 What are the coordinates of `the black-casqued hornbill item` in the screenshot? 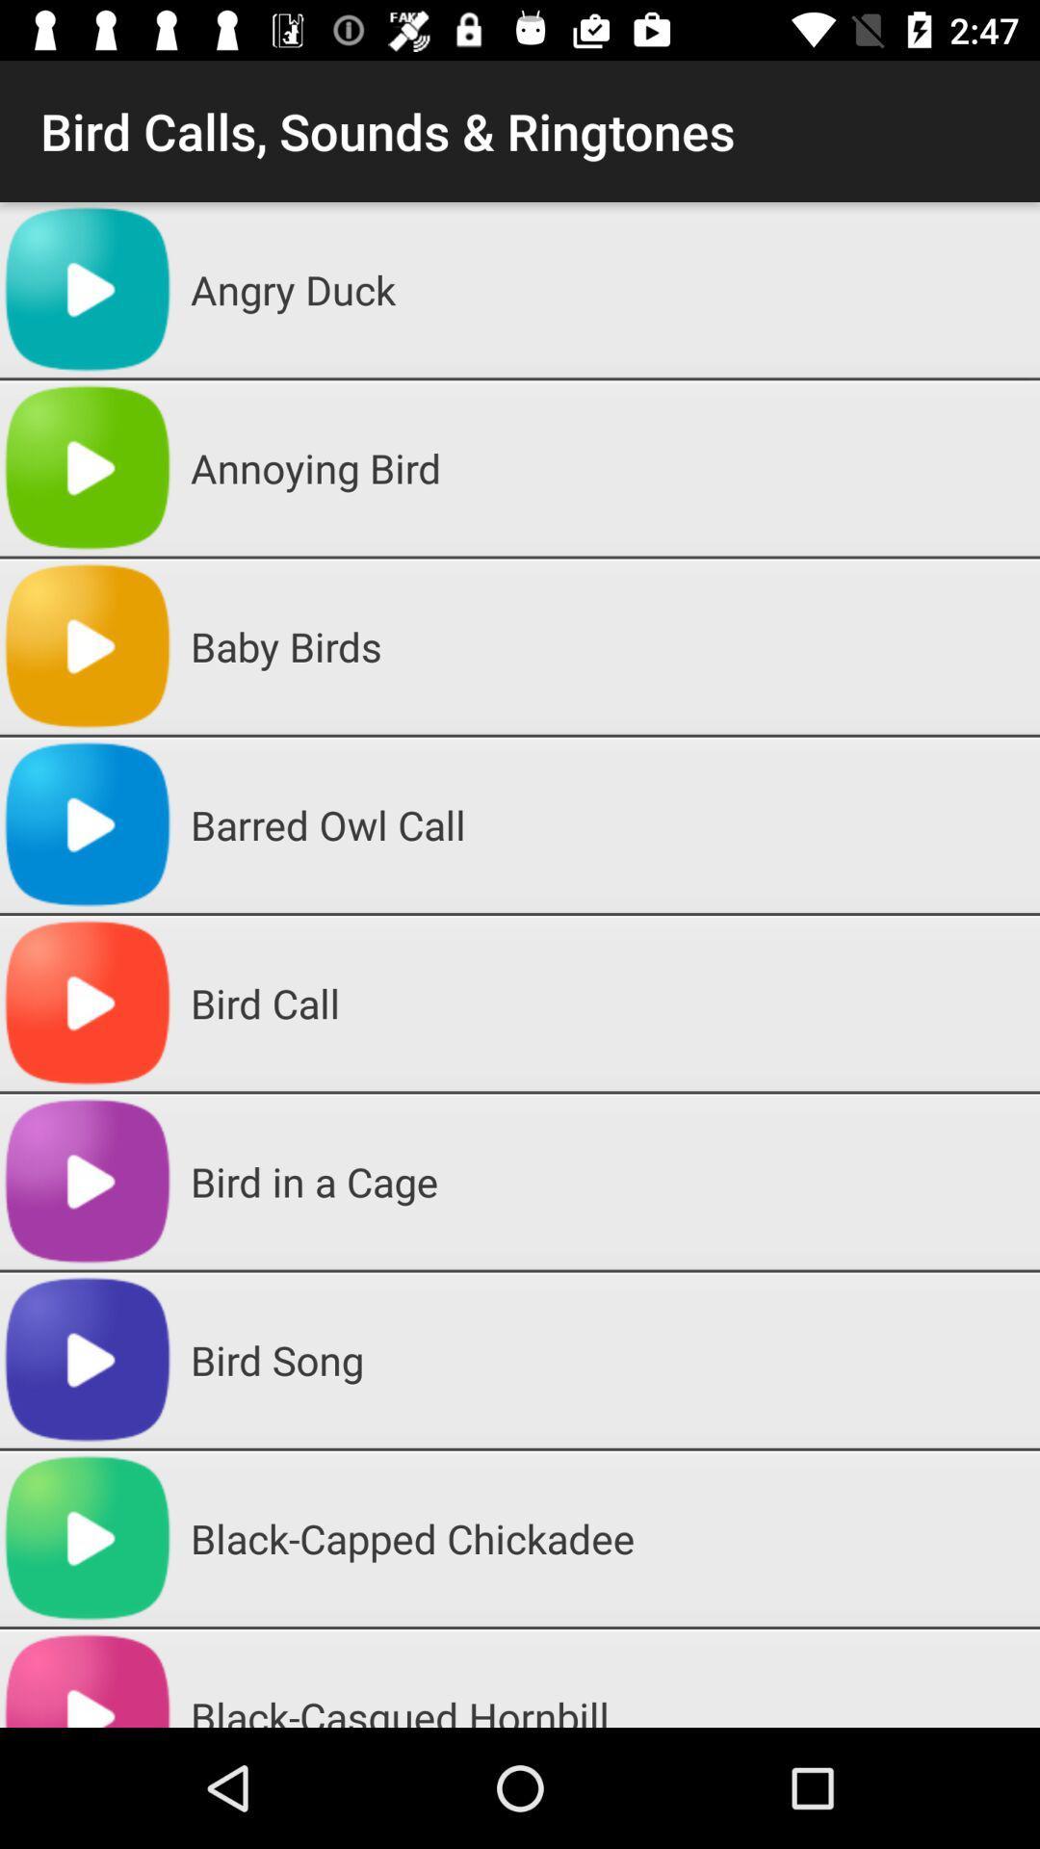 It's located at (608, 1677).